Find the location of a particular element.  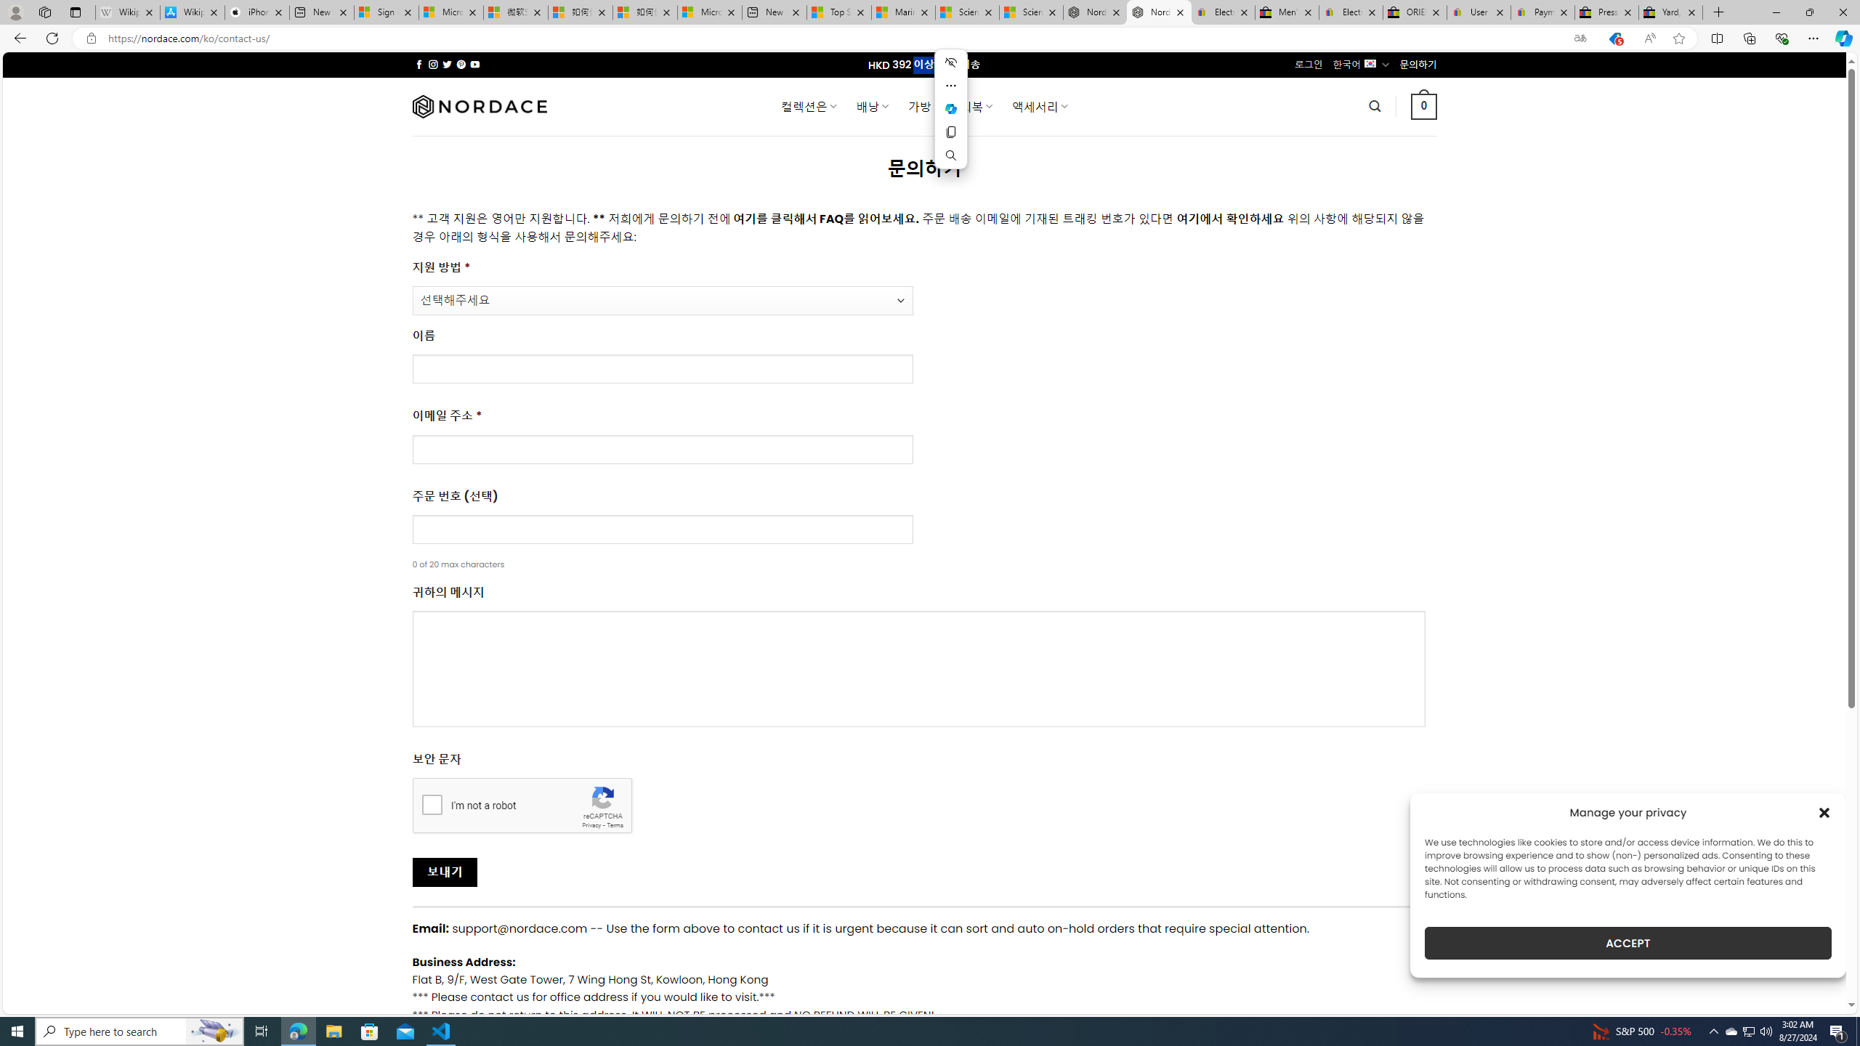

'Wikipedia - Sleeping' is located at coordinates (127, 12).